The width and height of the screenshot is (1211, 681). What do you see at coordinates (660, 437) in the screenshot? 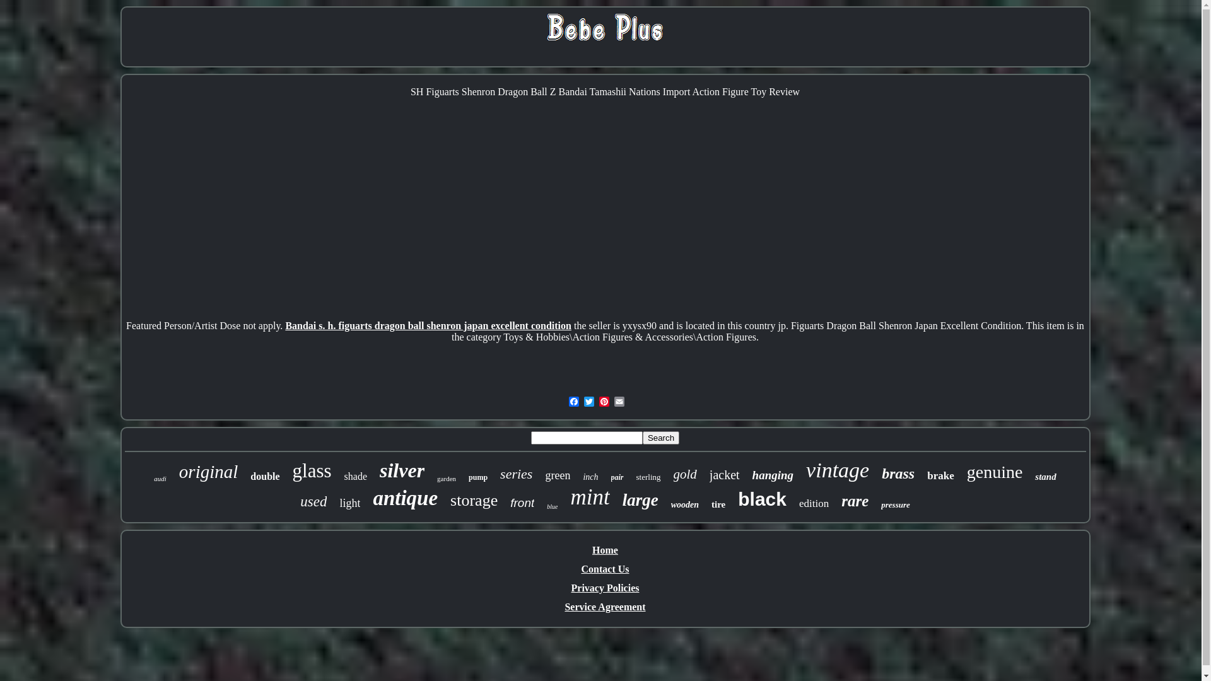
I see `'Search'` at bounding box center [660, 437].